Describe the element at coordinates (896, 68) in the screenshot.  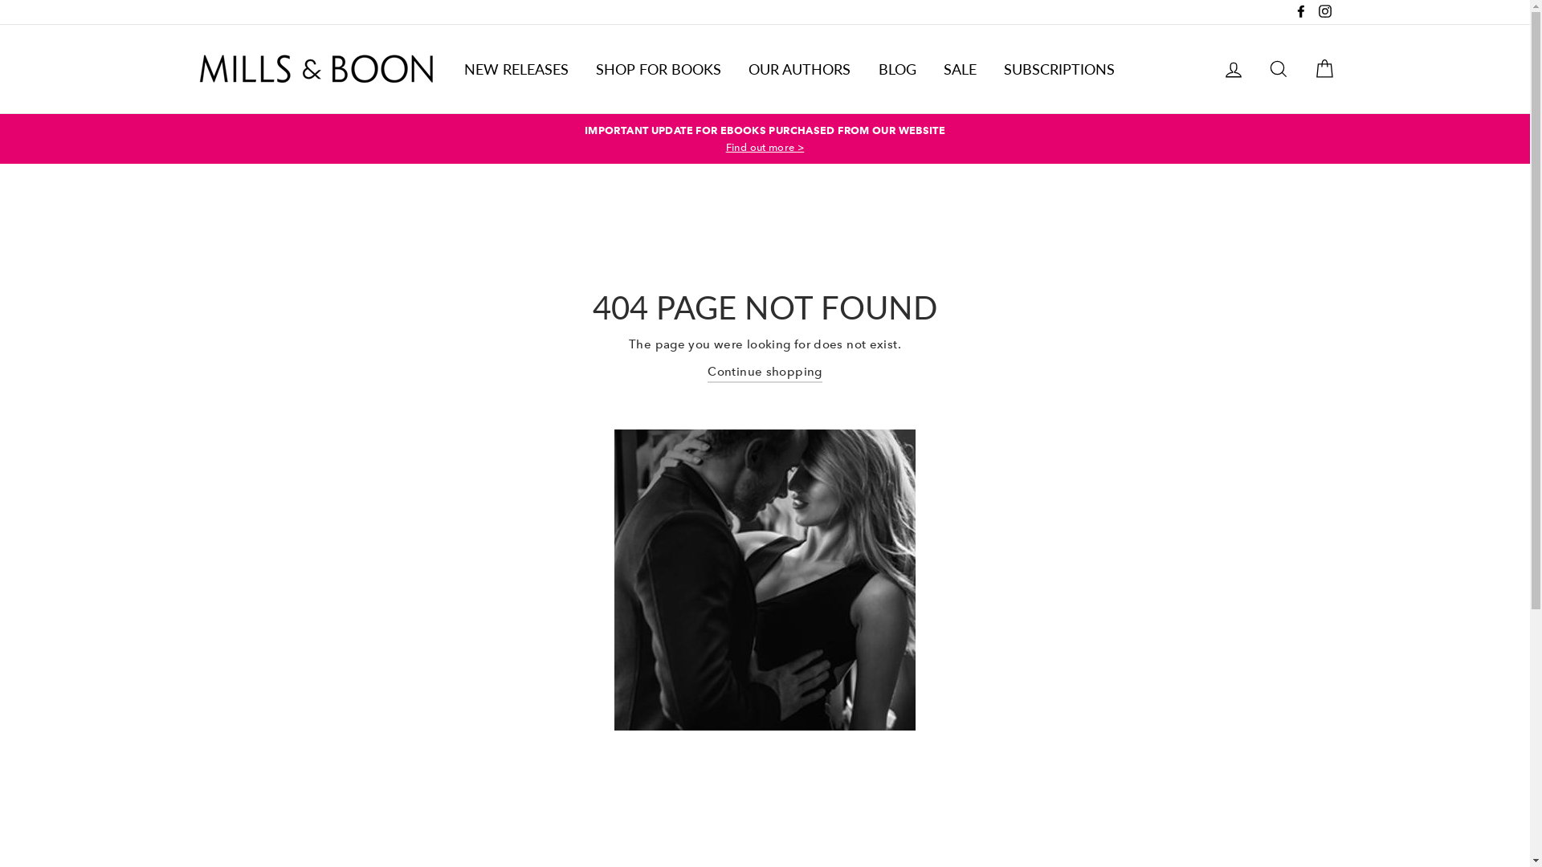
I see `'BLOG'` at that location.